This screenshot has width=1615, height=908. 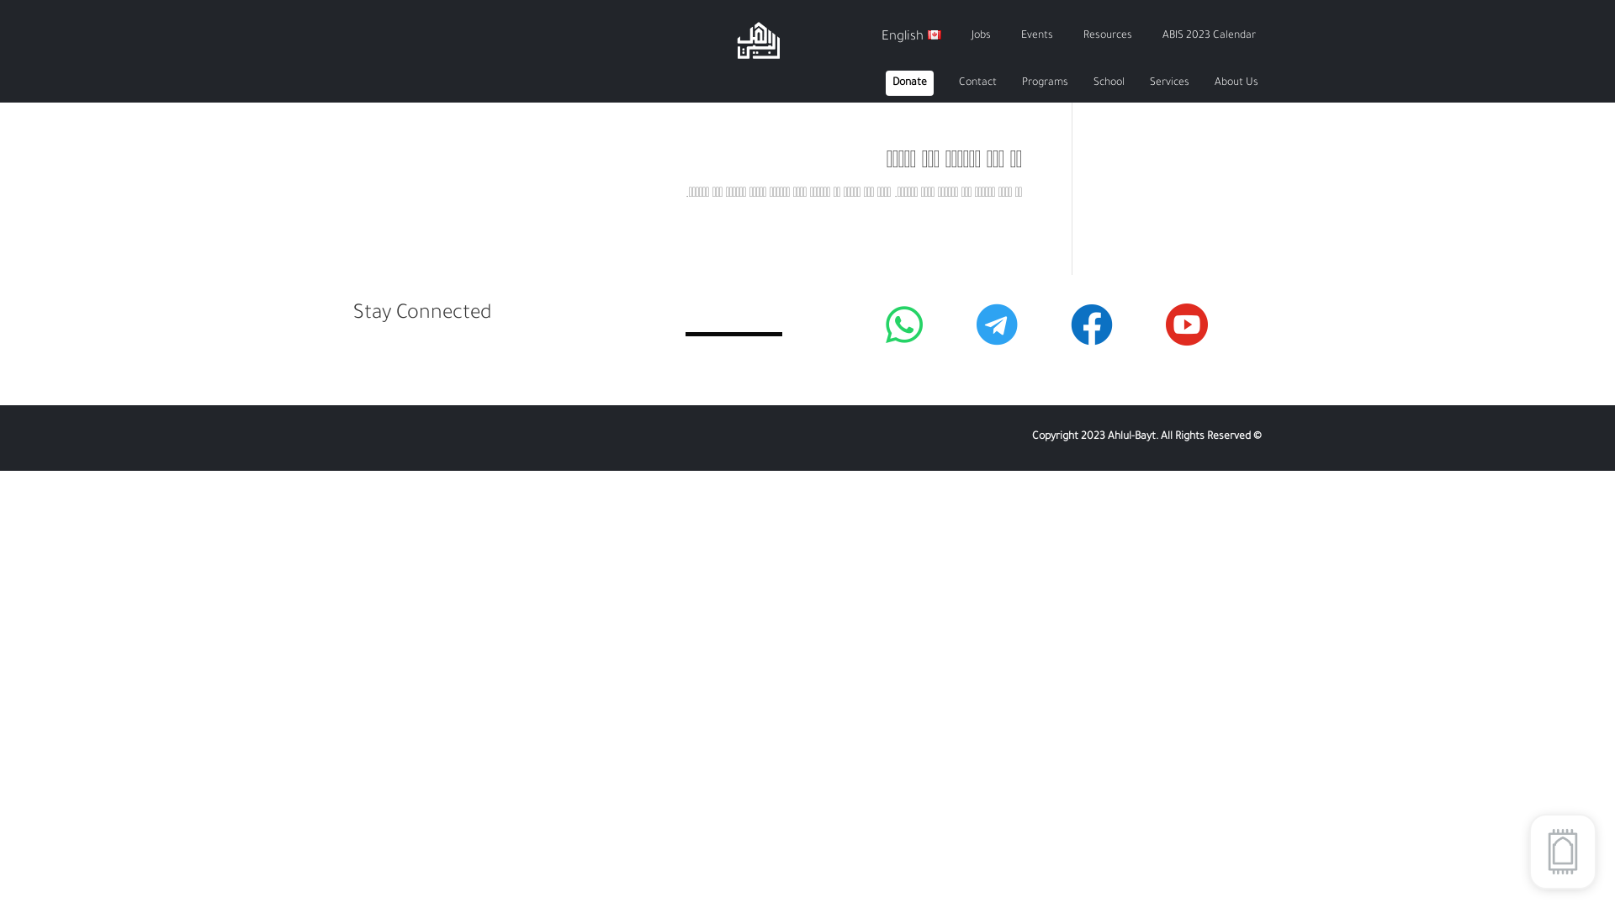 I want to click on 'Events', so click(x=1036, y=36).